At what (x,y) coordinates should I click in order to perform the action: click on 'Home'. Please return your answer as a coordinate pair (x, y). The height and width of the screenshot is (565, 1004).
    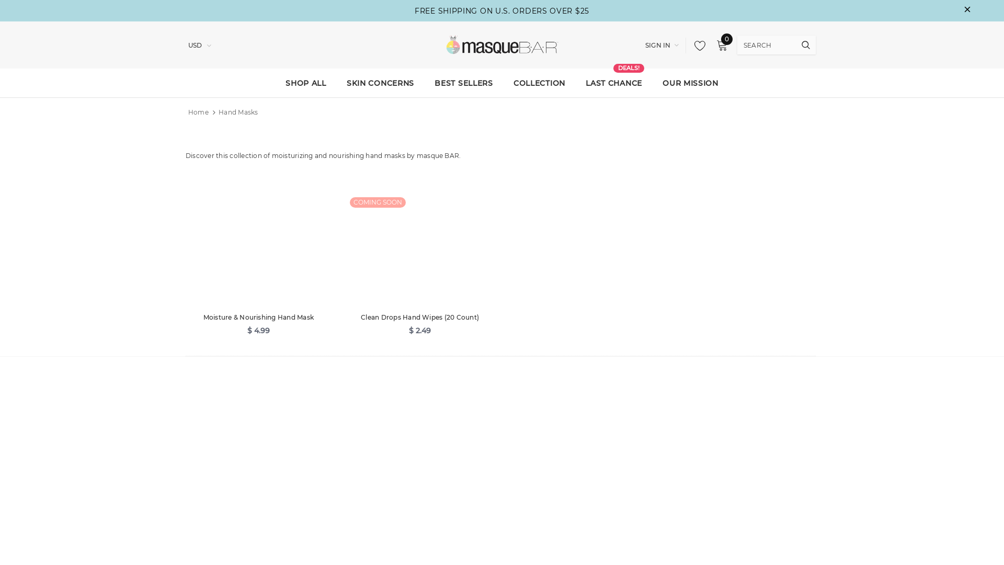
    Looking at the image, I should click on (188, 112).